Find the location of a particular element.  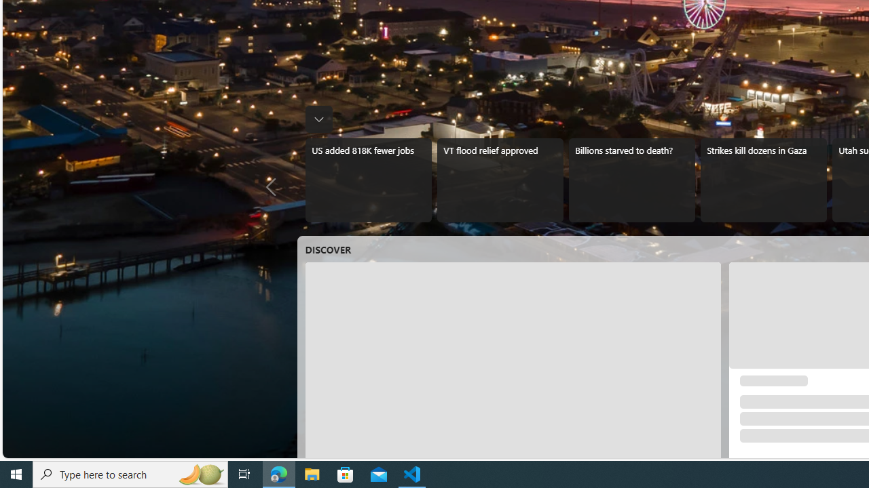

'US added 818K fewer jobs' is located at coordinates (368, 180).